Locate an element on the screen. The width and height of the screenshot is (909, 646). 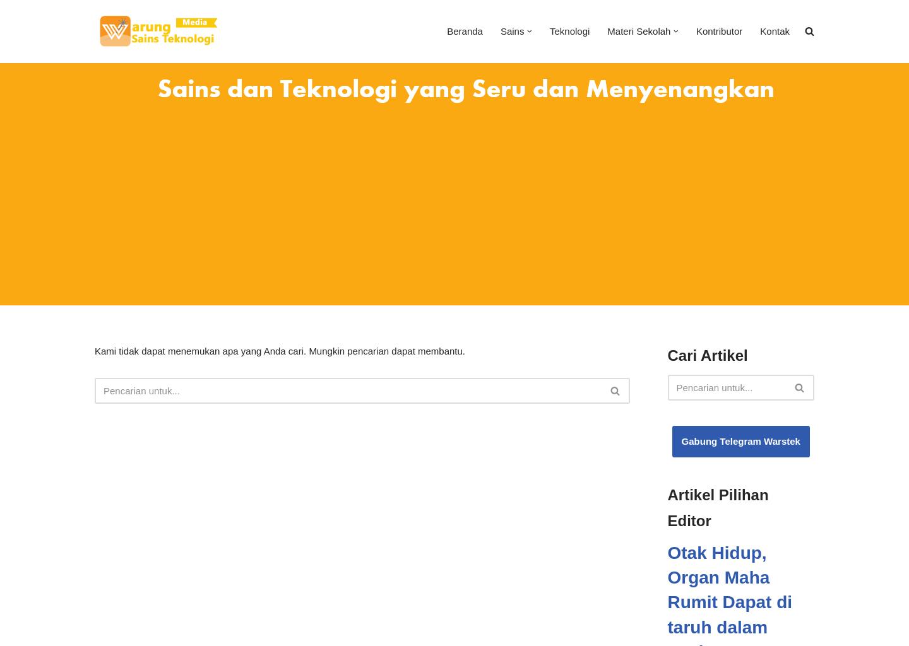
'Lompat ke konten' is located at coordinates (25, 49).